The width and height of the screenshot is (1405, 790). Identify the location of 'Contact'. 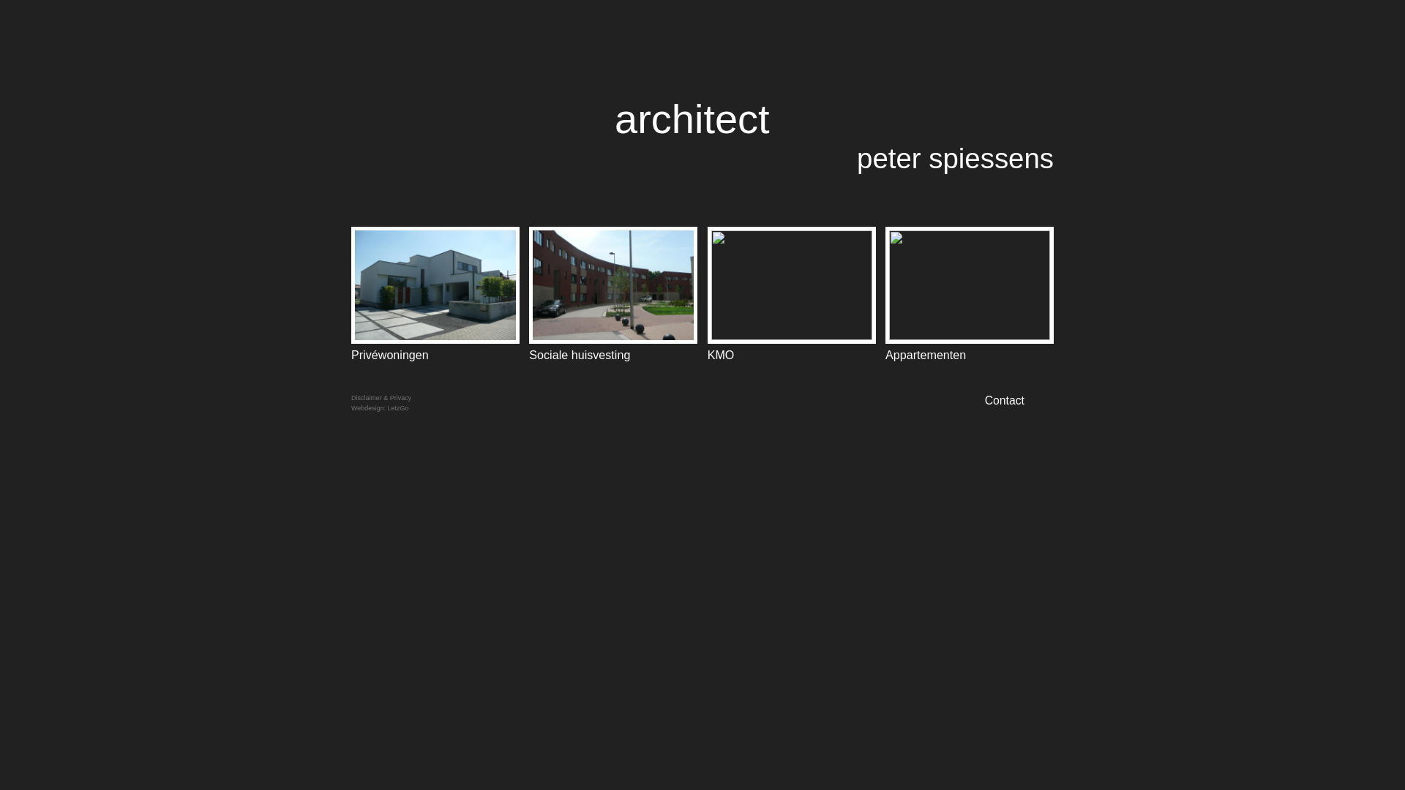
(1018, 400).